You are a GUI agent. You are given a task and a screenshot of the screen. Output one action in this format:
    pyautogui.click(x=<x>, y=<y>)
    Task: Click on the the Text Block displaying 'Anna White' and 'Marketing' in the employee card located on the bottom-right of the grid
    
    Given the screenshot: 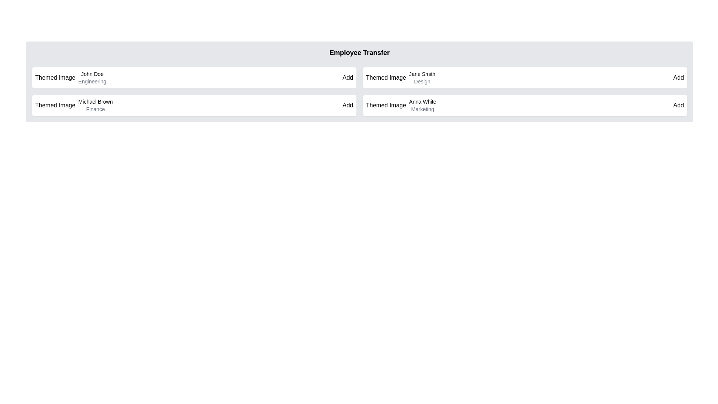 What is the action you would take?
    pyautogui.click(x=423, y=105)
    